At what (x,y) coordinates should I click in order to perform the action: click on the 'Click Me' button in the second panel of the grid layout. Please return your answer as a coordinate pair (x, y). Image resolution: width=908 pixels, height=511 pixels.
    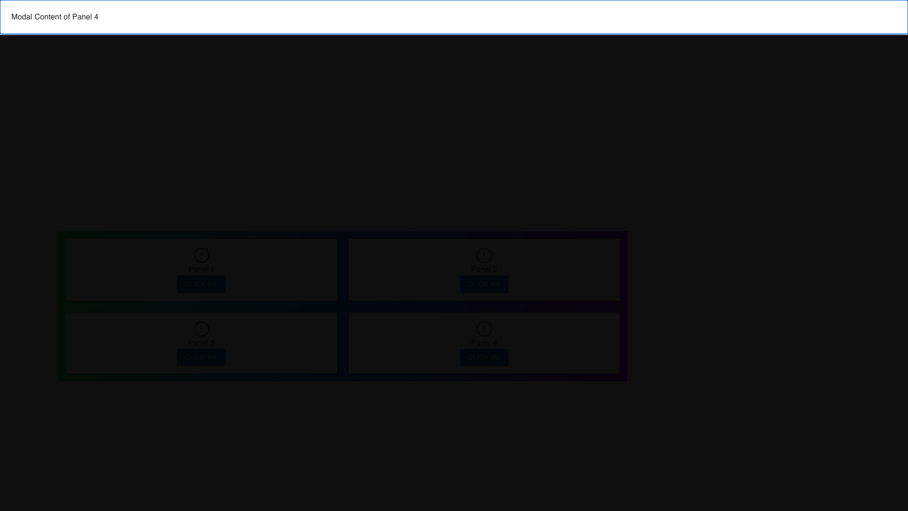
    Looking at the image, I should click on (484, 270).